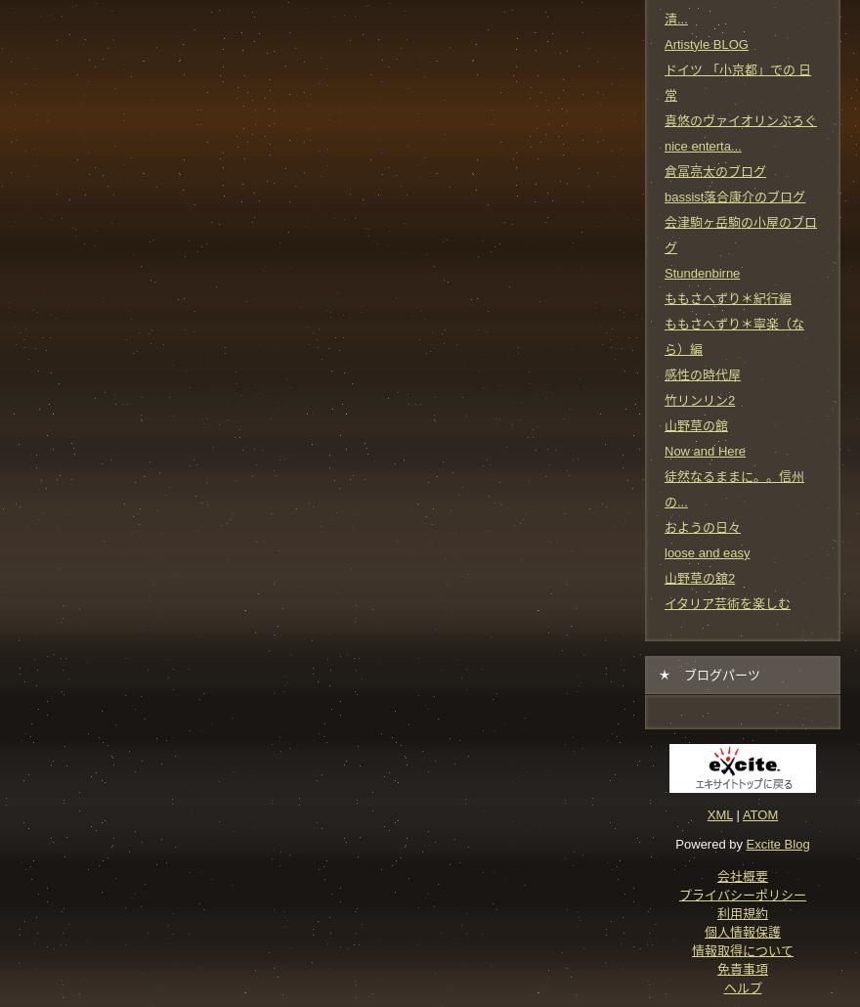 The height and width of the screenshot is (1007, 860). Describe the element at coordinates (709, 843) in the screenshot. I see `'Powered by'` at that location.